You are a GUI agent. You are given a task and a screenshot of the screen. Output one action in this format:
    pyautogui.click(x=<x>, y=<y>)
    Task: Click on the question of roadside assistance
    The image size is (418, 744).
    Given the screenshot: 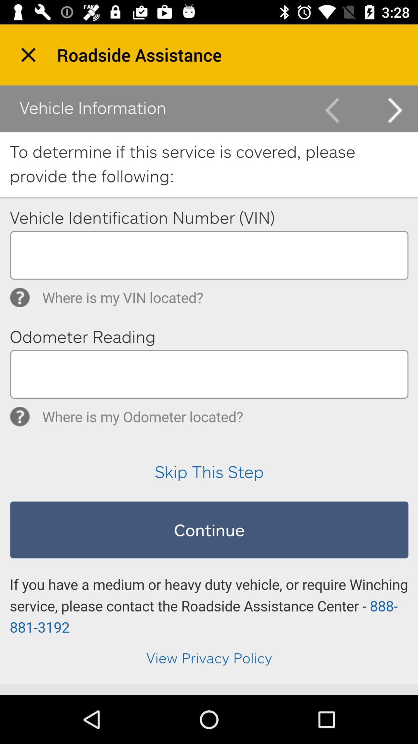 What is the action you would take?
    pyautogui.click(x=209, y=385)
    